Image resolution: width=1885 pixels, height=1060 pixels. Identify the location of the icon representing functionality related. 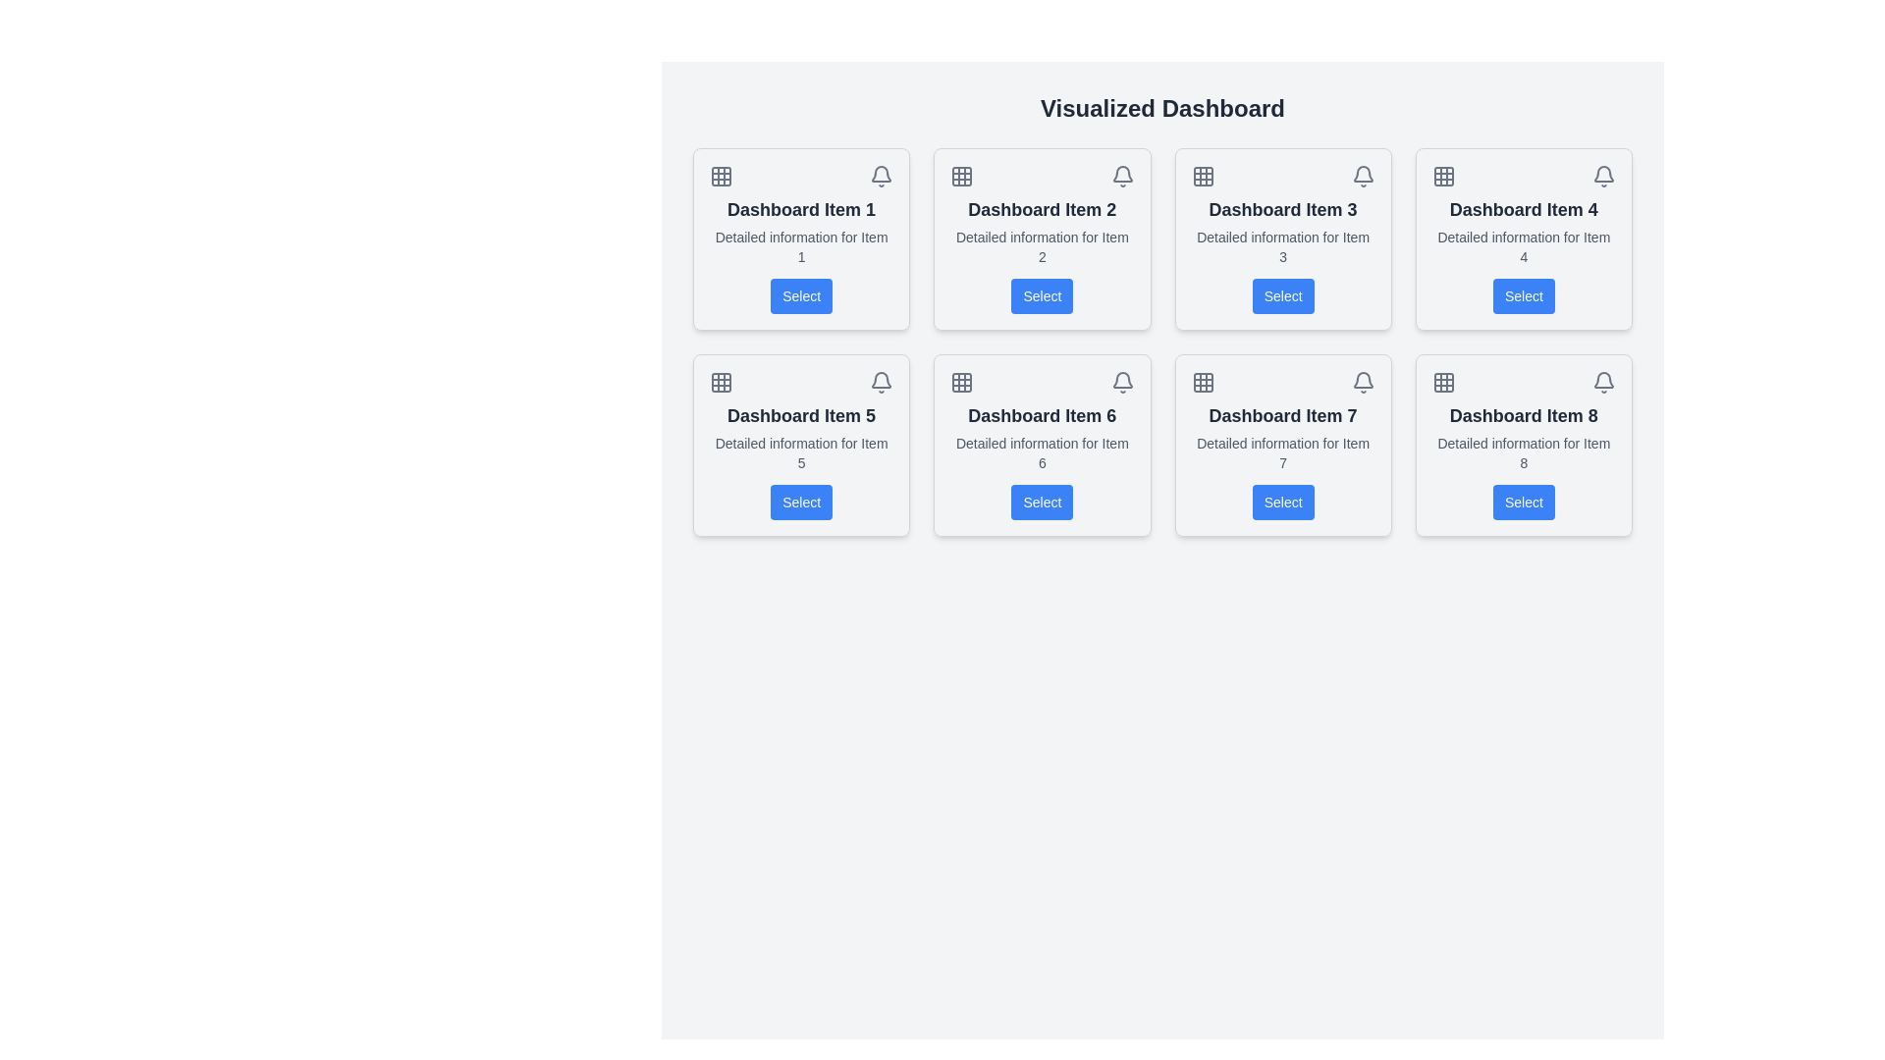
(720, 382).